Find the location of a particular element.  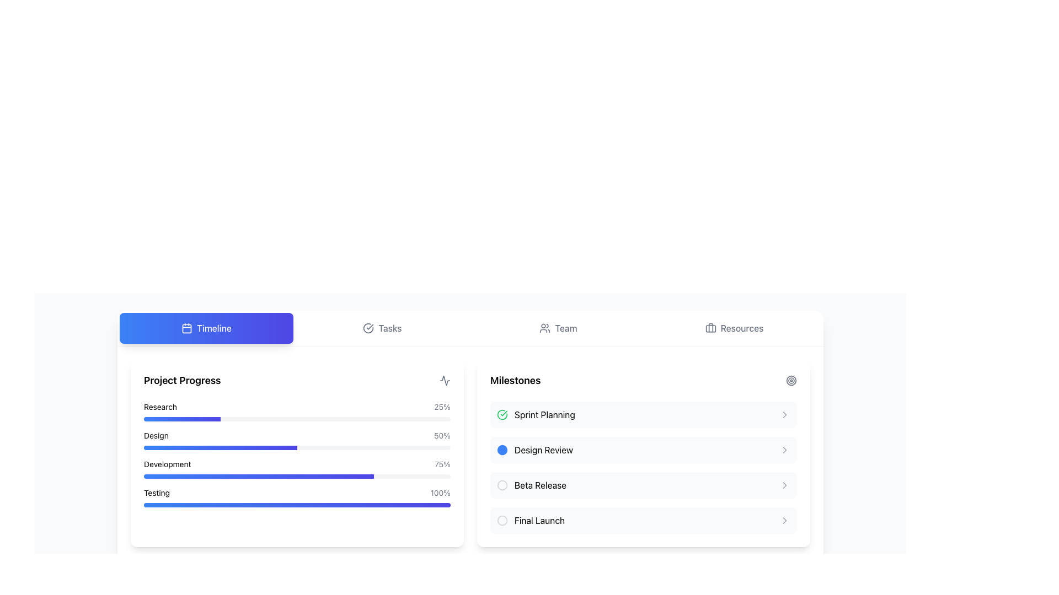

the text label that displays 'Testing', located above the progress bar indicating '100%' is located at coordinates (156, 492).